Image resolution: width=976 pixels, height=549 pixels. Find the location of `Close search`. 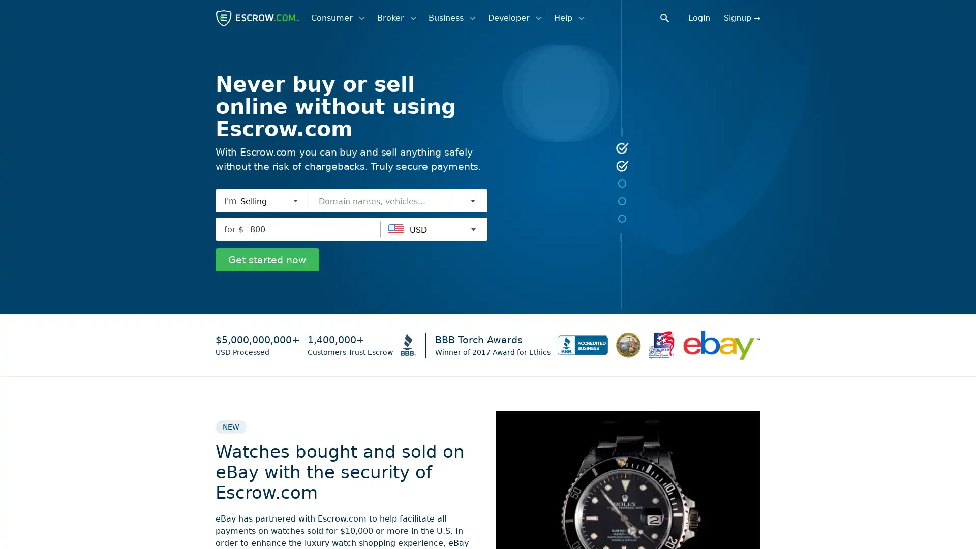

Close search is located at coordinates (670, 17).